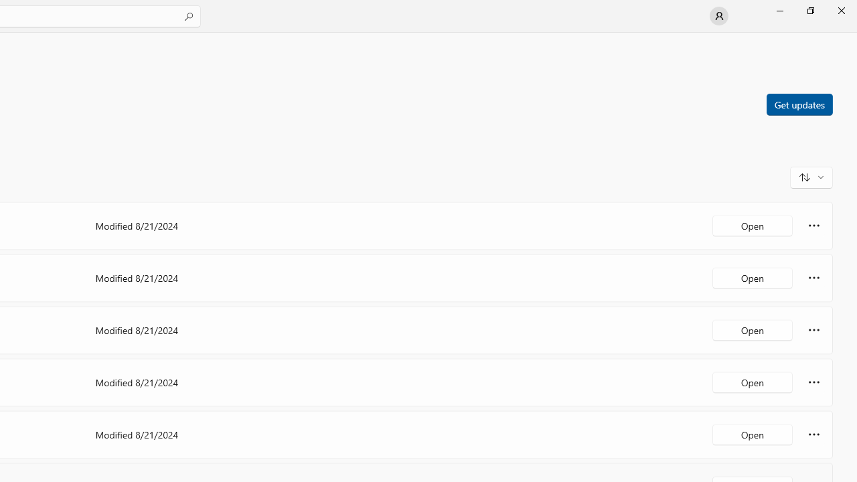 This screenshot has height=482, width=857. I want to click on 'Get updates', so click(799, 103).